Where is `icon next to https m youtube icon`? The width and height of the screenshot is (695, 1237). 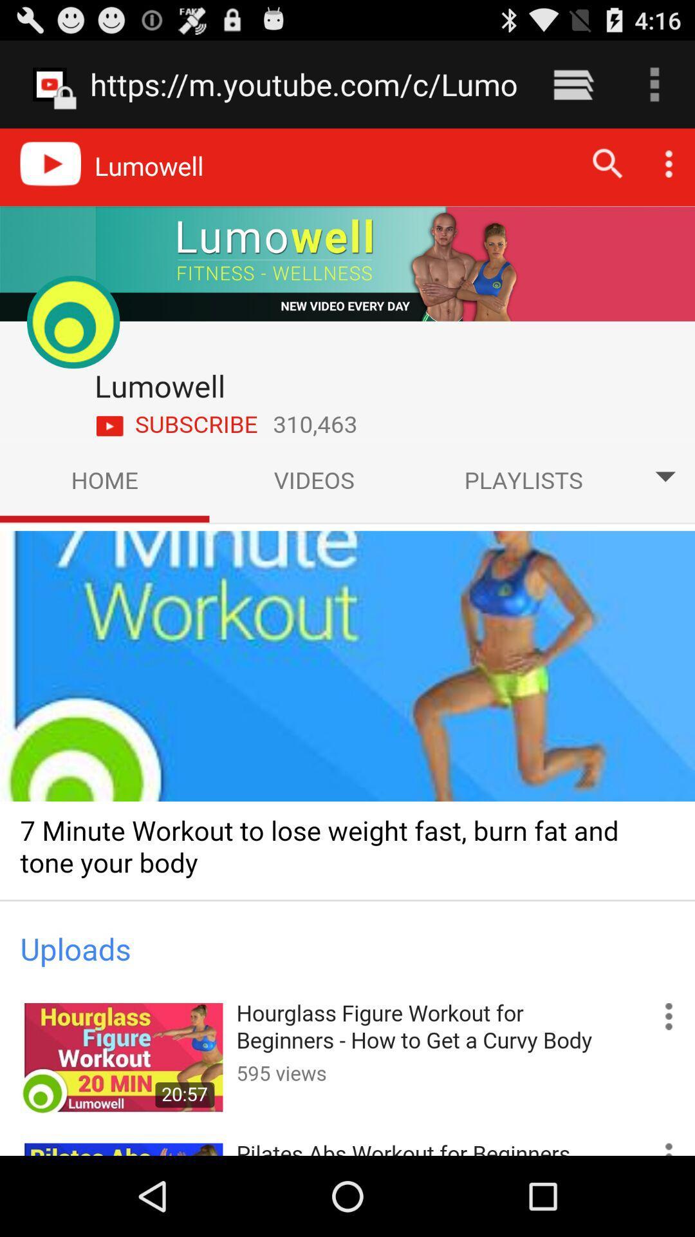
icon next to https m youtube icon is located at coordinates (573, 84).